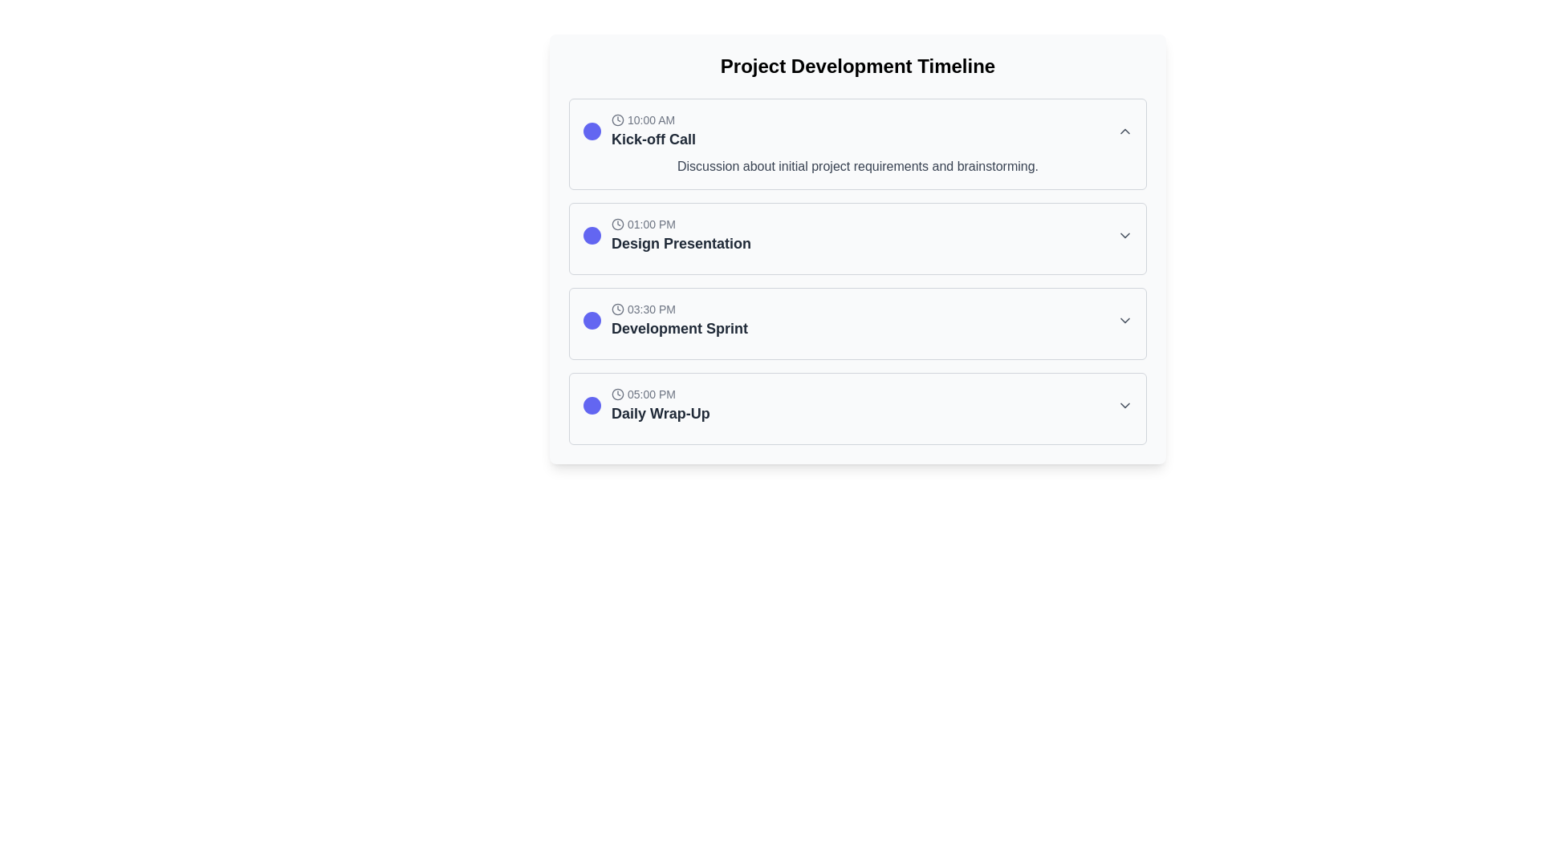 The height and width of the screenshot is (866, 1541). What do you see at coordinates (1124, 131) in the screenshot?
I see `the small gray chevron-up icon located at the far-right side of the 'Kick-off Call' event block` at bounding box center [1124, 131].